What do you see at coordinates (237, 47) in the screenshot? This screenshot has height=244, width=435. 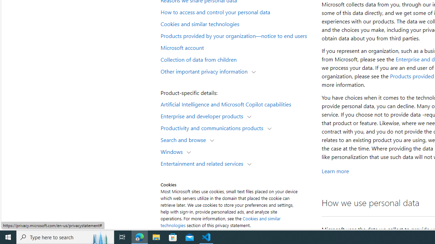 I see `'Microsoft account'` at bounding box center [237, 47].